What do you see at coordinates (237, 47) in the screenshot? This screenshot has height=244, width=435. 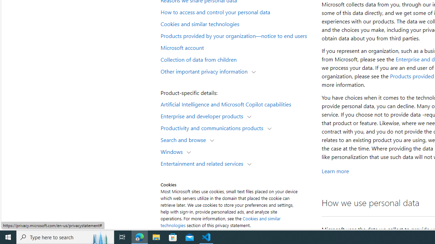 I see `'Microsoft account'` at bounding box center [237, 47].